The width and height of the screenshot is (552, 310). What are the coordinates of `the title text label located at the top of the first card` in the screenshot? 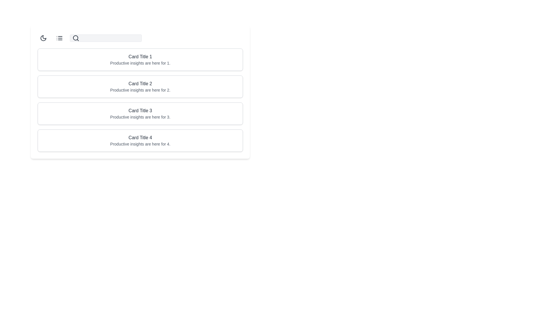 It's located at (140, 57).